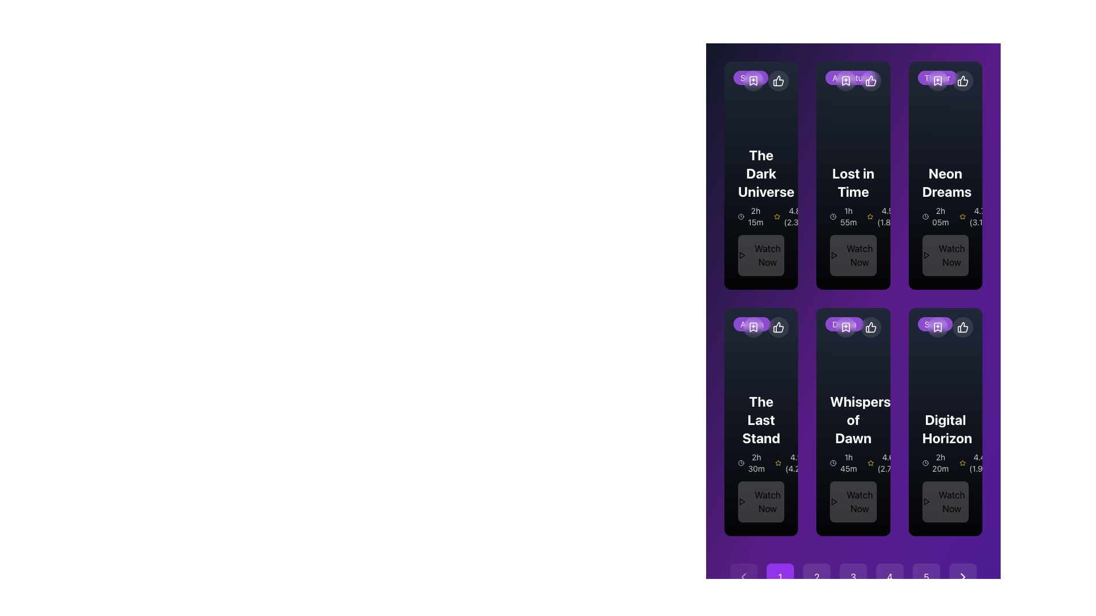 The height and width of the screenshot is (616, 1096). Describe the element at coordinates (935, 323) in the screenshot. I see `the rounded capsule-shaped badge with a semi-opaque purple background and white text that reads 'Sci-Fi', located at the top-left corner of the 'Digital Horizon' card` at that location.